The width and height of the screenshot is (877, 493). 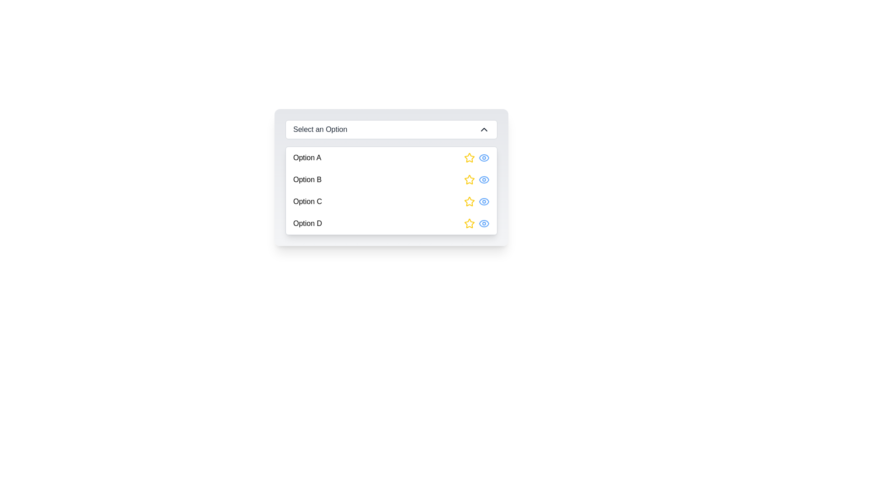 I want to click on an item from the dropdown menu located beneath the 'Select an Option' text, which contains four options with icons, so click(x=391, y=190).